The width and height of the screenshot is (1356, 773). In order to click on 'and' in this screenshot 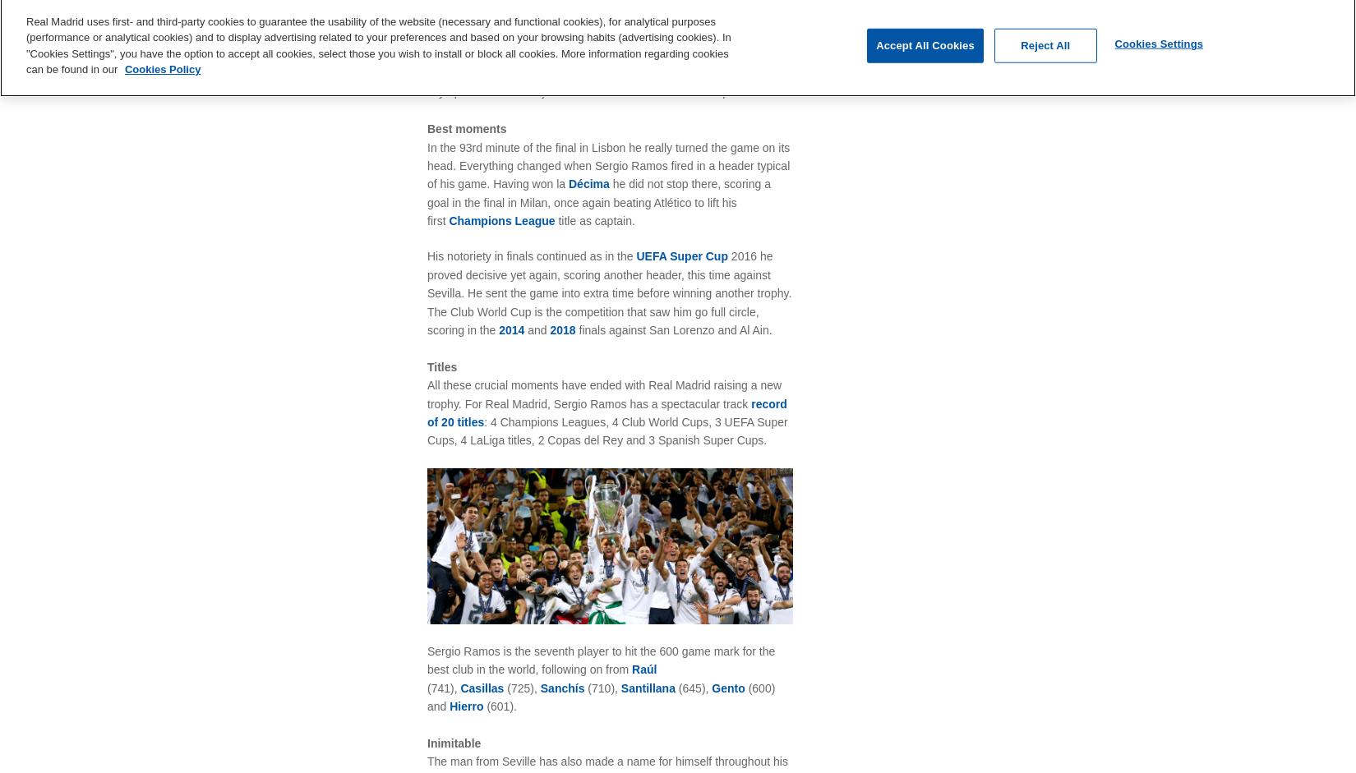, I will do `click(537, 329)`.